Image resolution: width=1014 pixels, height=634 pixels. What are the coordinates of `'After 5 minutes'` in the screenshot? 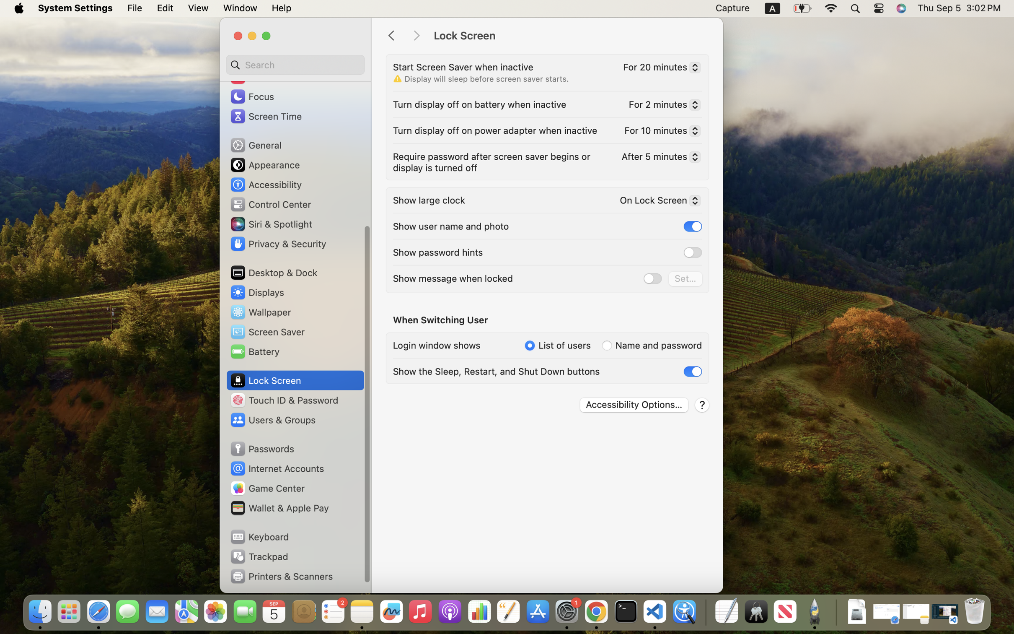 It's located at (658, 157).